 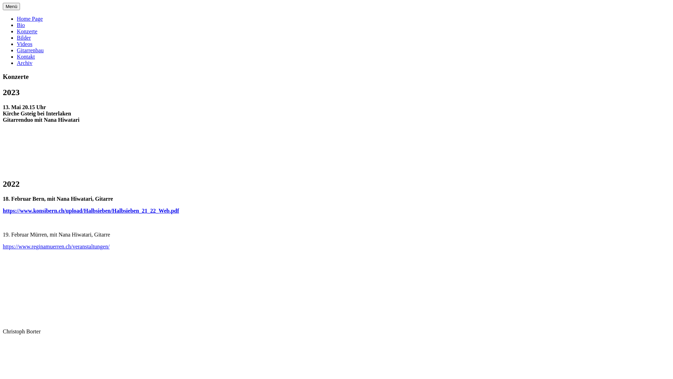 I want to click on 'Archiv', so click(x=25, y=62).